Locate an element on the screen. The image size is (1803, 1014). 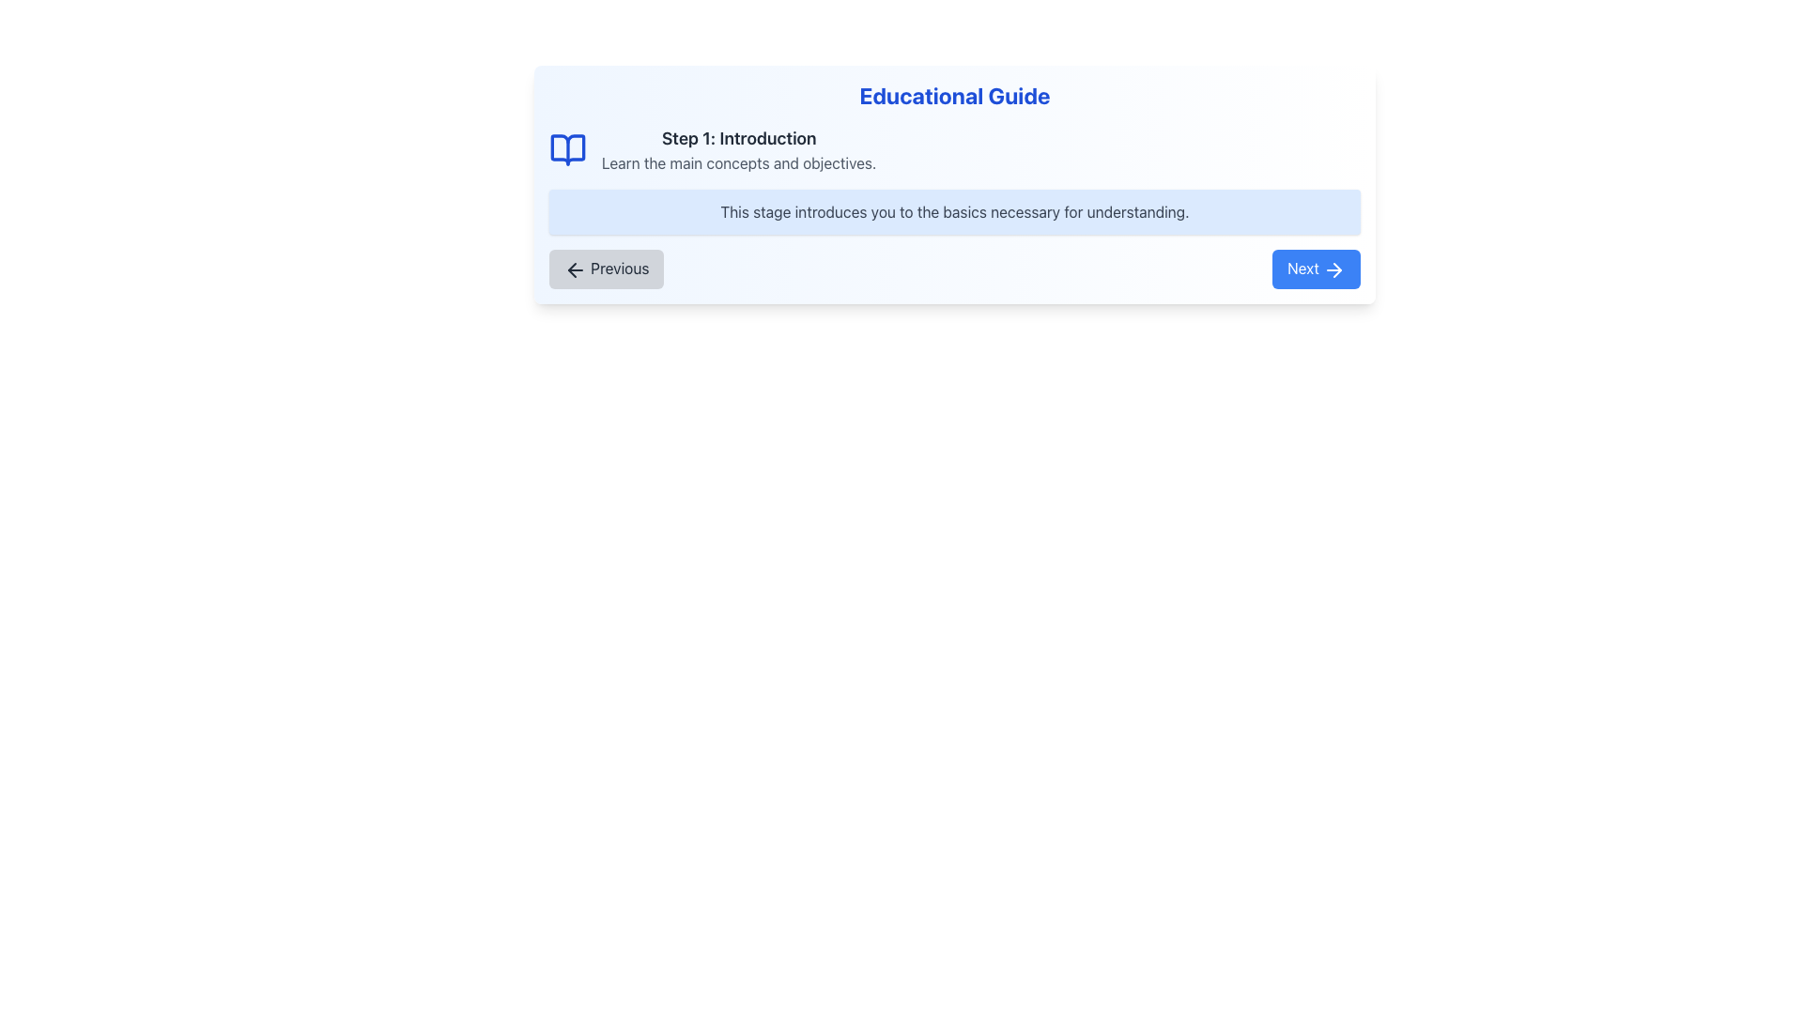
the right-facing arrow icon within the blue 'Next' button, which is styled with a 'lucide' design and outlined in white is located at coordinates (1333, 269).